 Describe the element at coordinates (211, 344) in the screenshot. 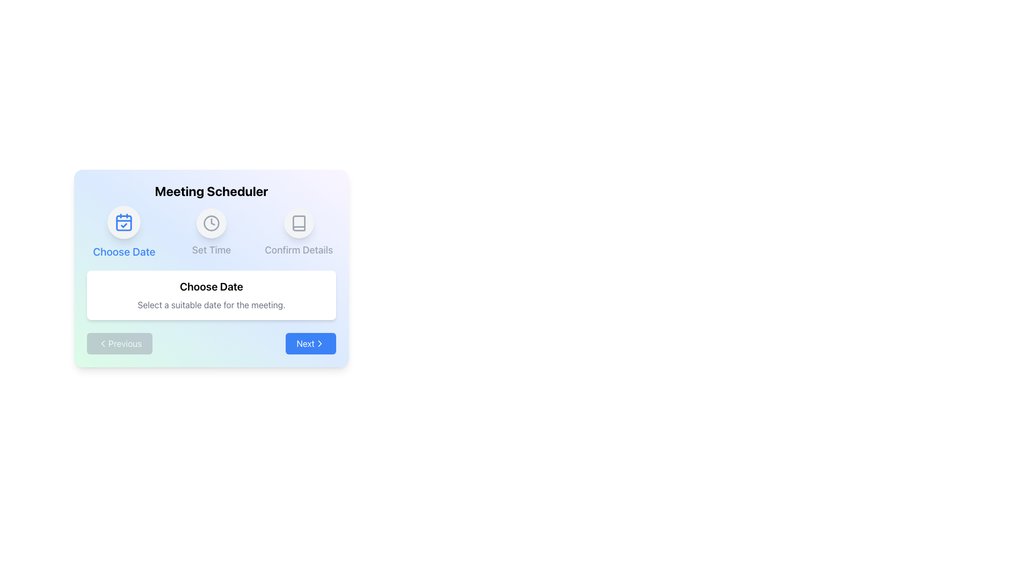

I see `the 'Previous' button located at the bottom of the 'Meeting Scheduler' card interface` at that location.